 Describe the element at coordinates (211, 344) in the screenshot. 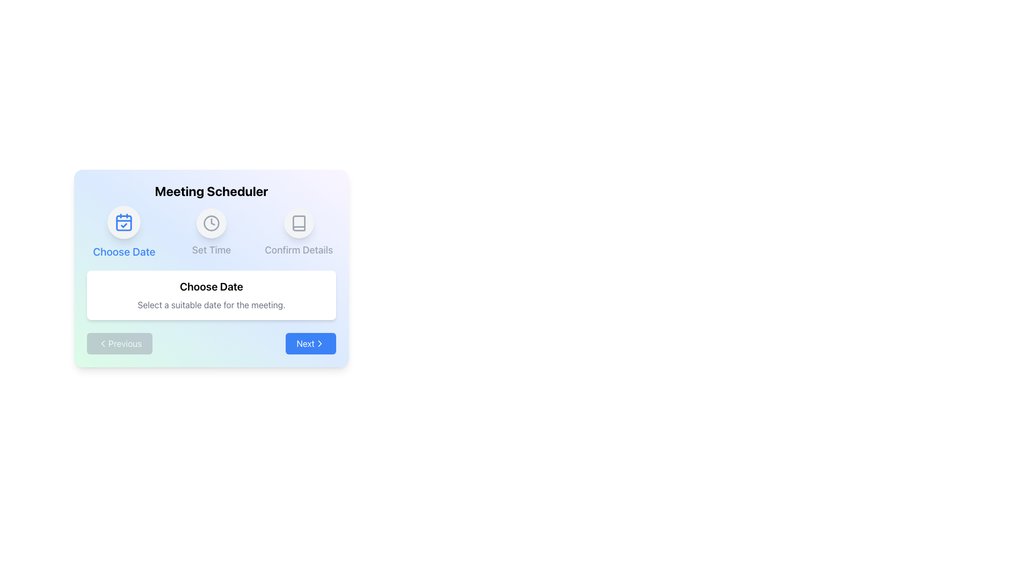

I see `the 'Previous' button located at the bottom of the 'Meeting Scheduler' card interface` at that location.